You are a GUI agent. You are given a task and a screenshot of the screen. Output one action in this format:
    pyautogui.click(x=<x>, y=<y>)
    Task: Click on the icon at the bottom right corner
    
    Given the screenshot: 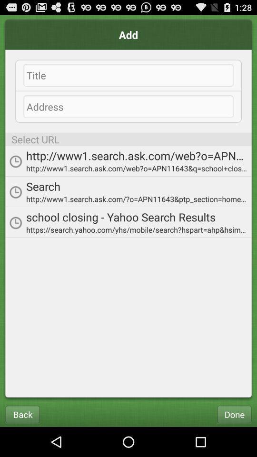 What is the action you would take?
    pyautogui.click(x=234, y=414)
    